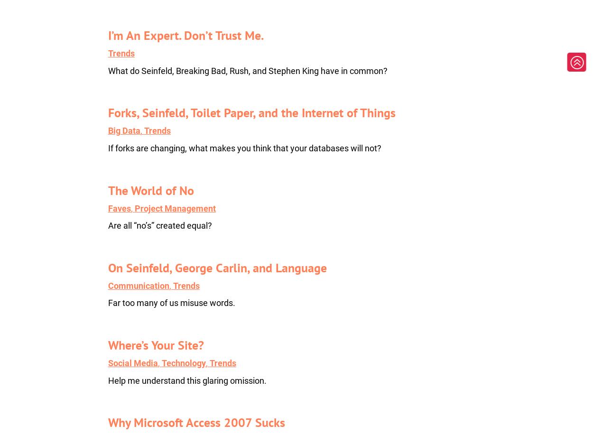  What do you see at coordinates (244, 148) in the screenshot?
I see `'If forks are changing, what makes you think that your databases will not?'` at bounding box center [244, 148].